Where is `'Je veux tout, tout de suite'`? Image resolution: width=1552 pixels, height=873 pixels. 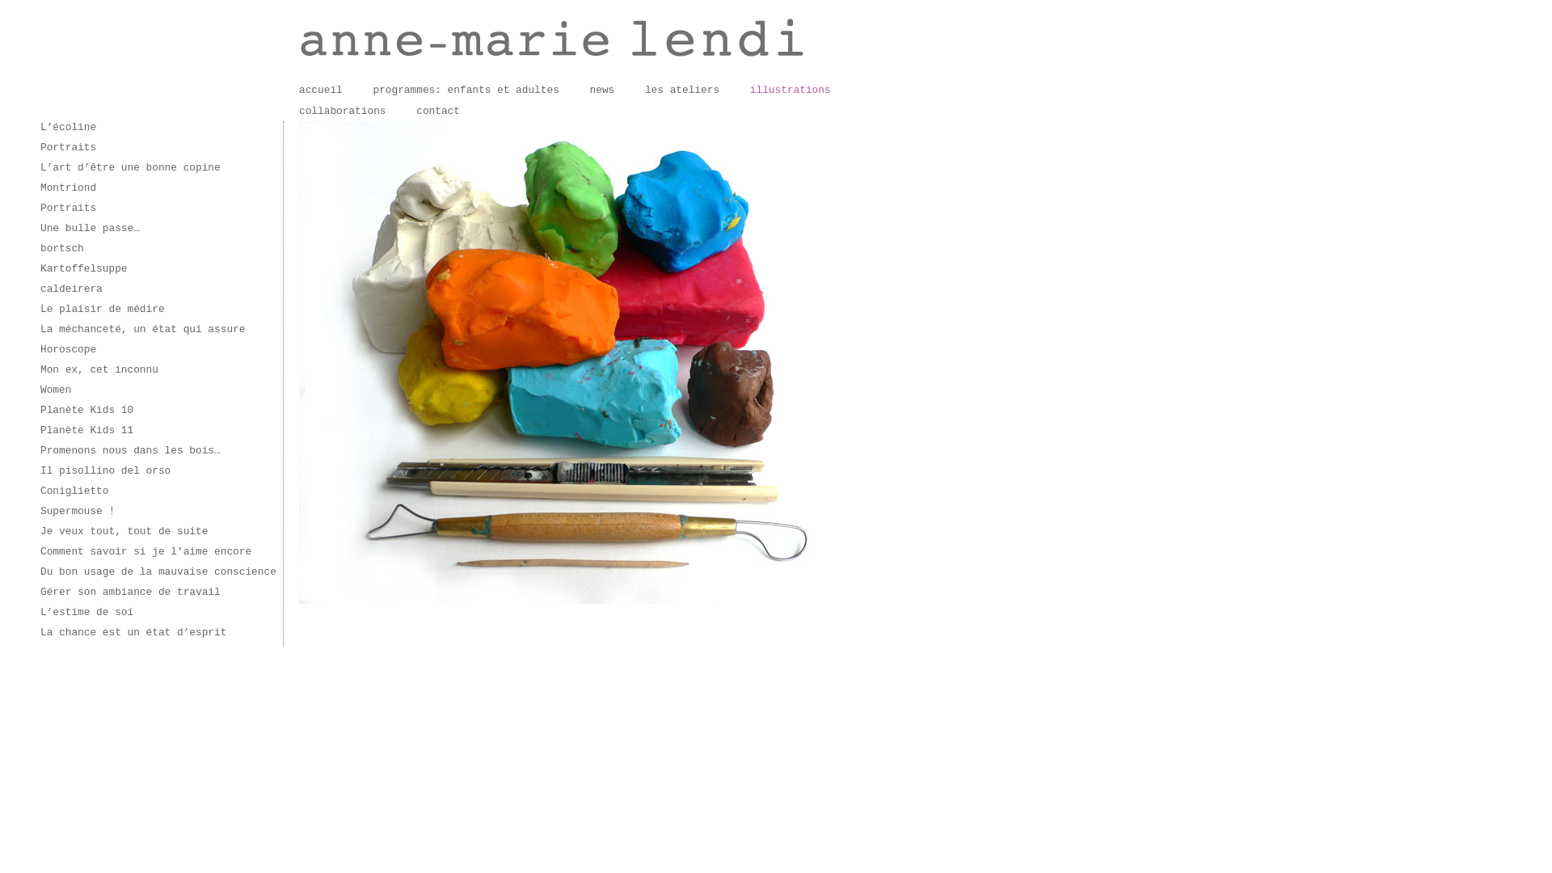 'Je veux tout, tout de suite' is located at coordinates (123, 531).